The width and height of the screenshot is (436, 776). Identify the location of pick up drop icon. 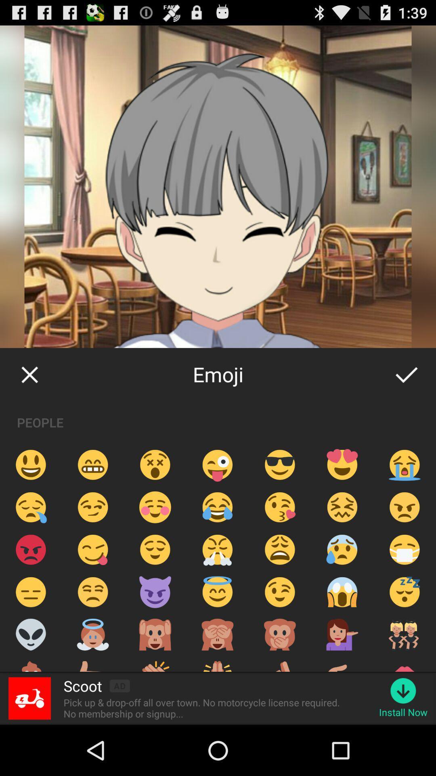
(204, 708).